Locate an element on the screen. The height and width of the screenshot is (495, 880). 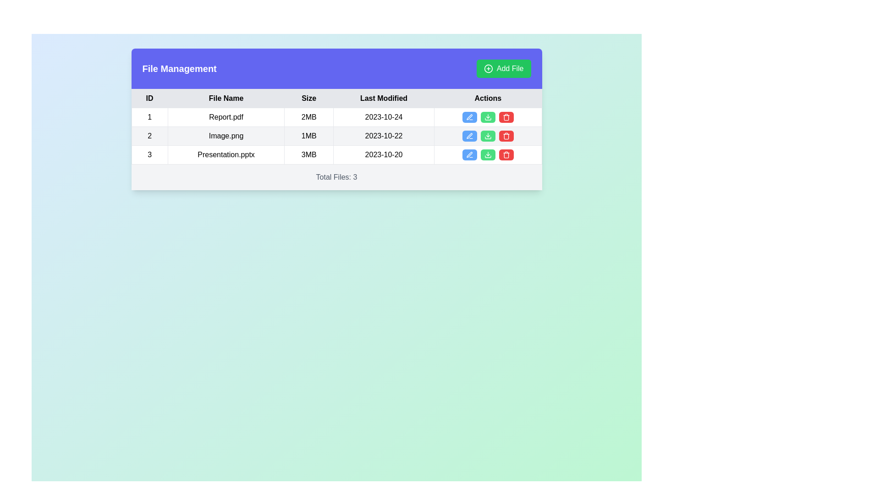
the pen icon button located in the 'Actions' column of the third row in the 'File Management' table is located at coordinates (469, 154).